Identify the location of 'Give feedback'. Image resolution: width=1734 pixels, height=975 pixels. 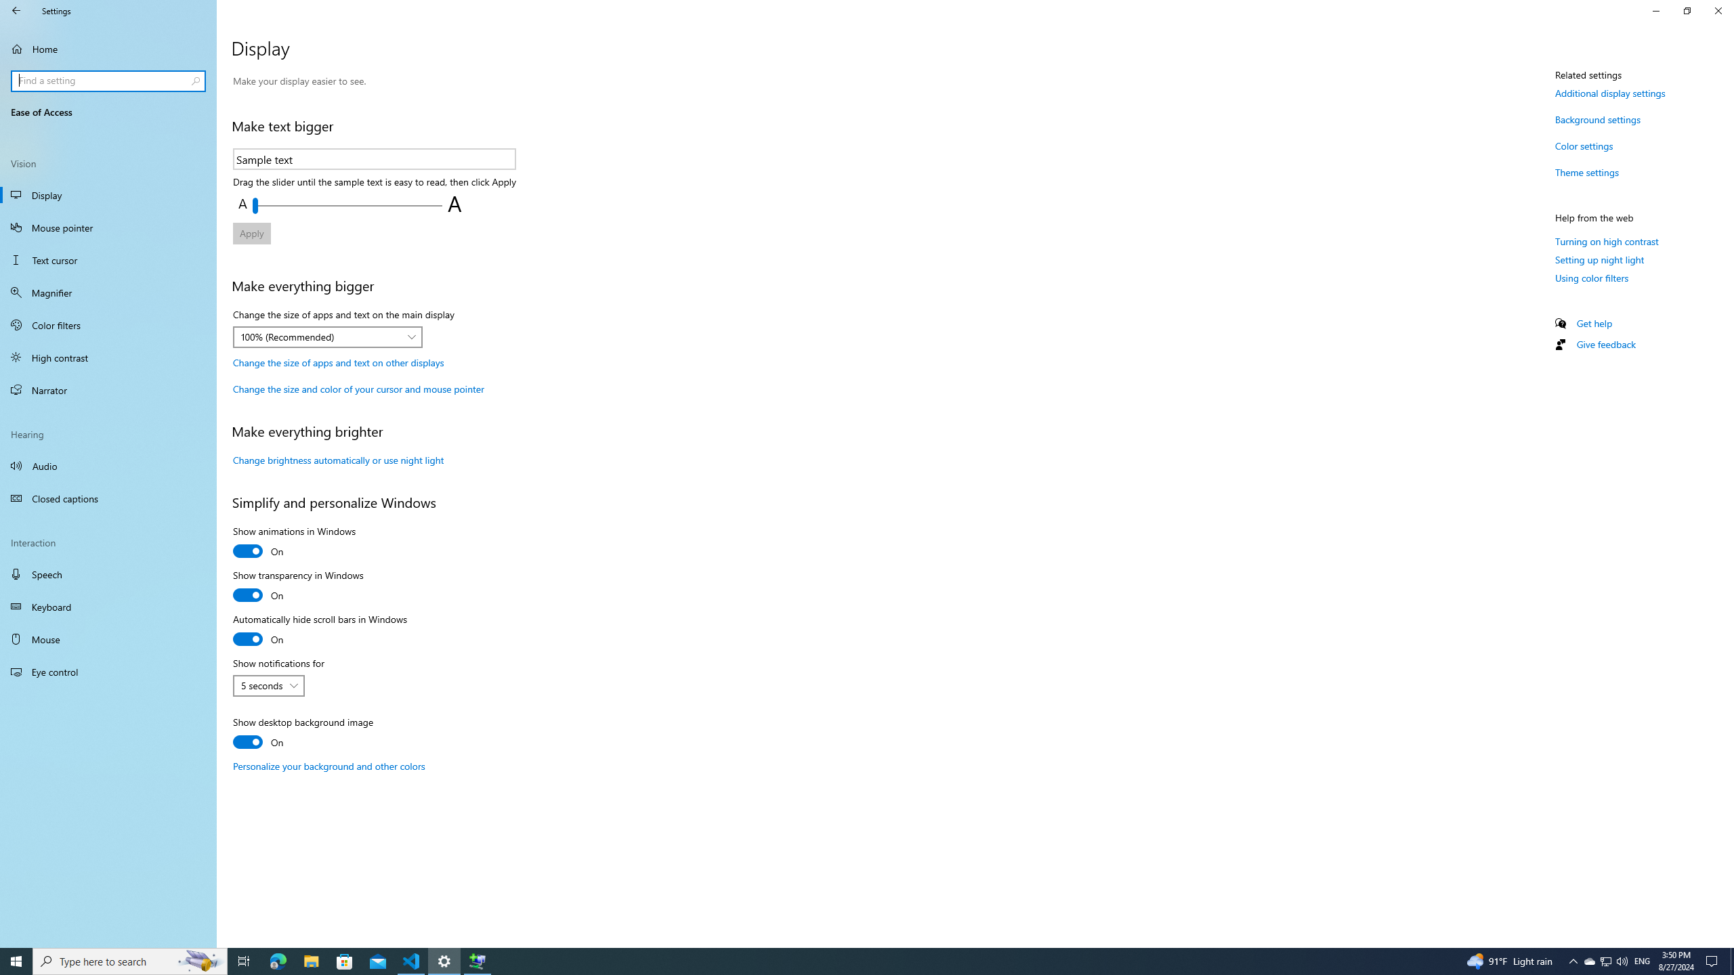
(1605, 345).